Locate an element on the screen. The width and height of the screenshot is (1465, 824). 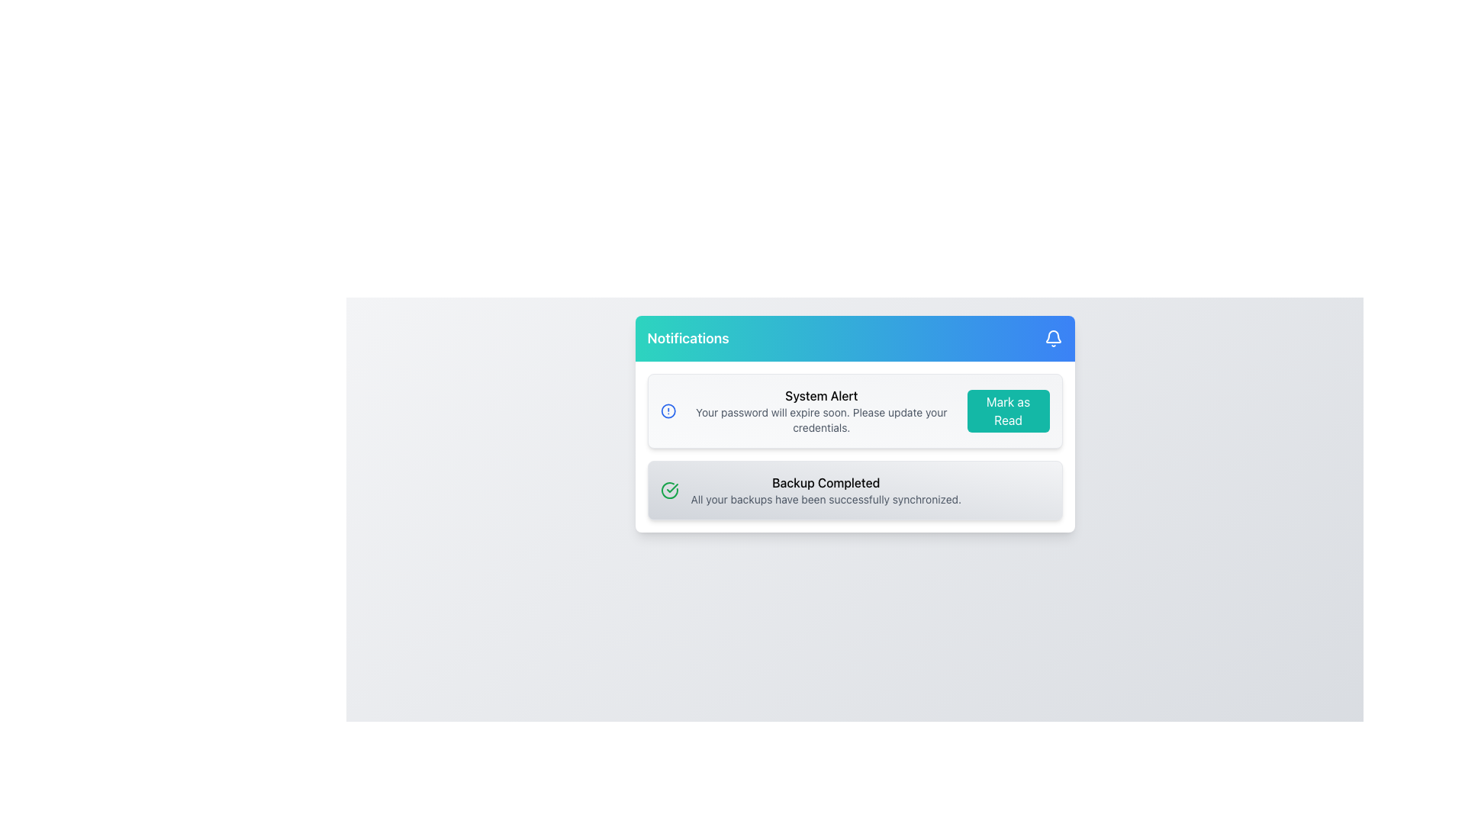
the text message 'Your password will expire soon. Please update your credentials.' located below the bold title 'System Alert' within the notification card is located at coordinates (820, 420).